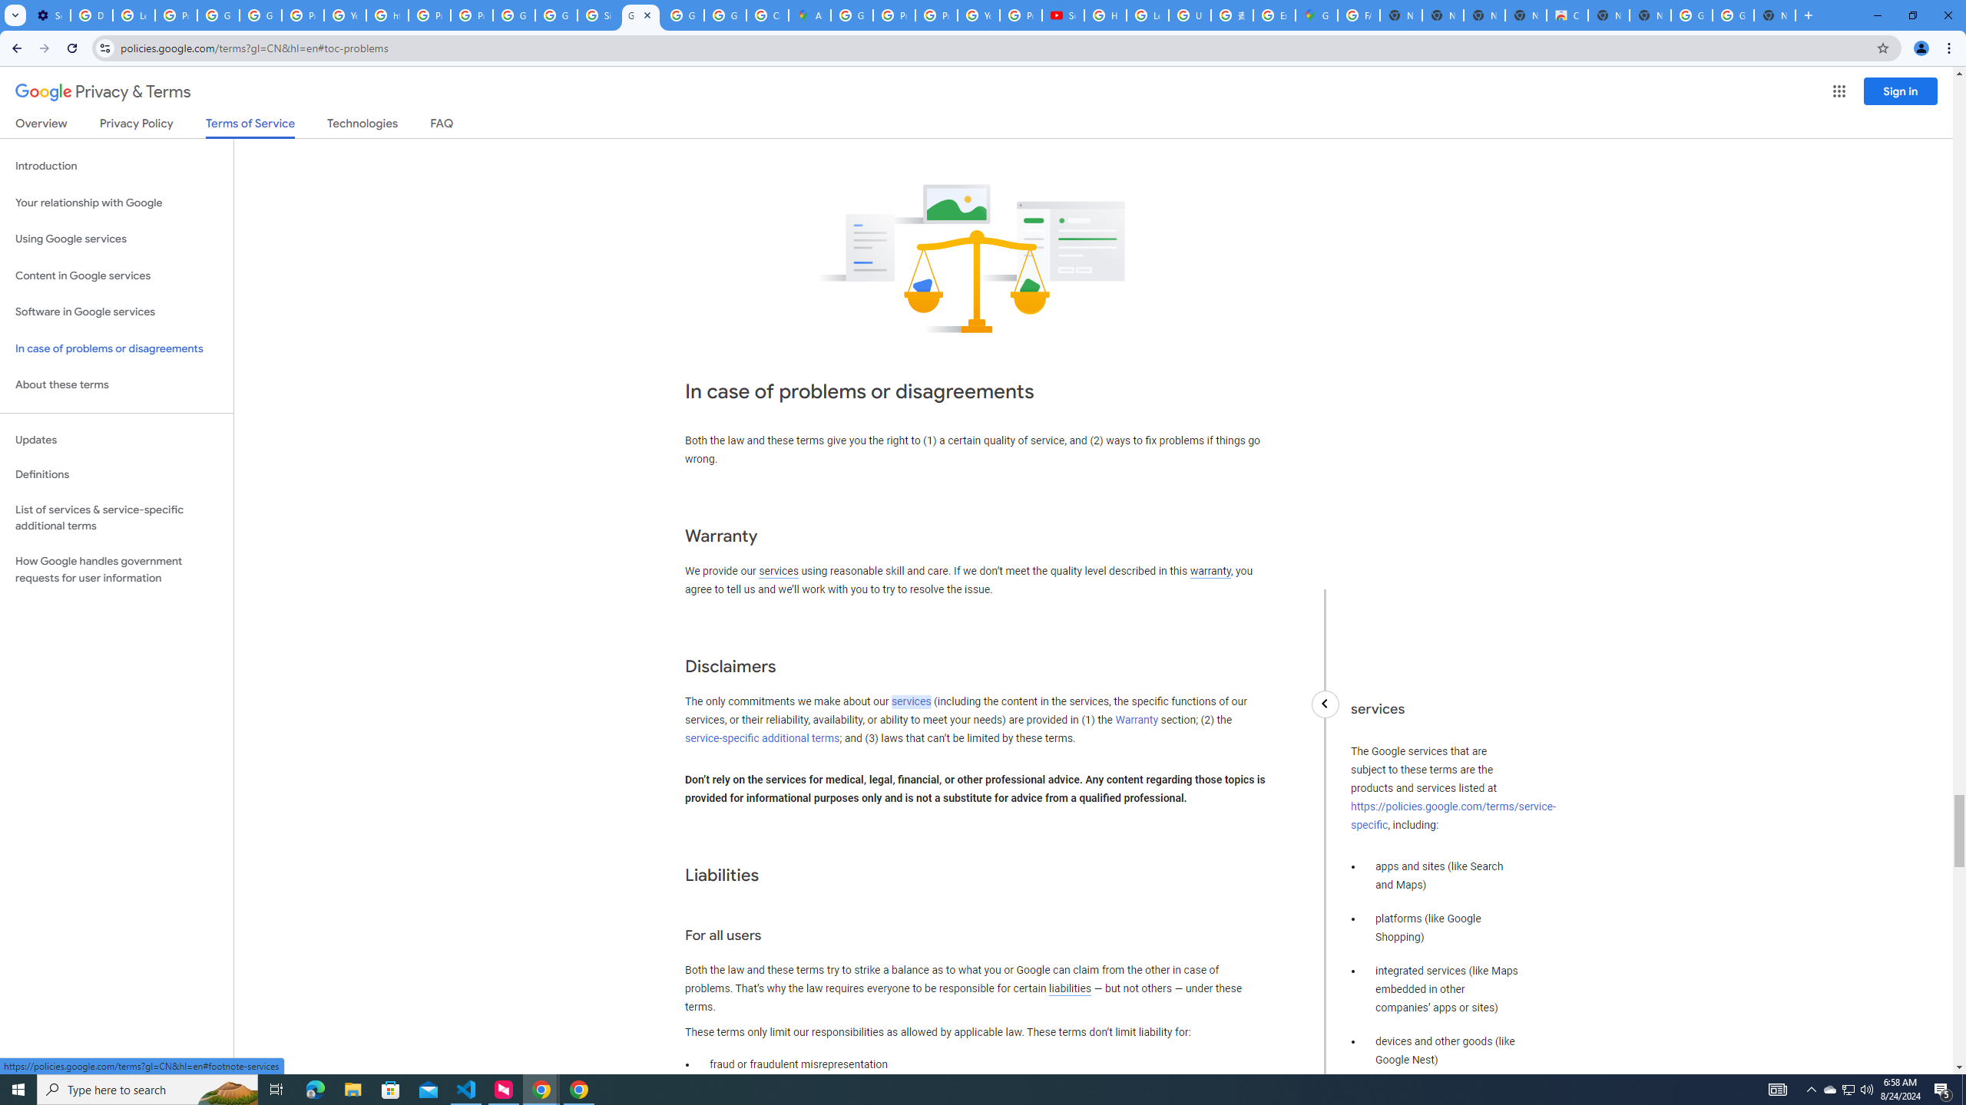 The image size is (1966, 1105). What do you see at coordinates (116, 349) in the screenshot?
I see `'In case of problems or disagreements'` at bounding box center [116, 349].